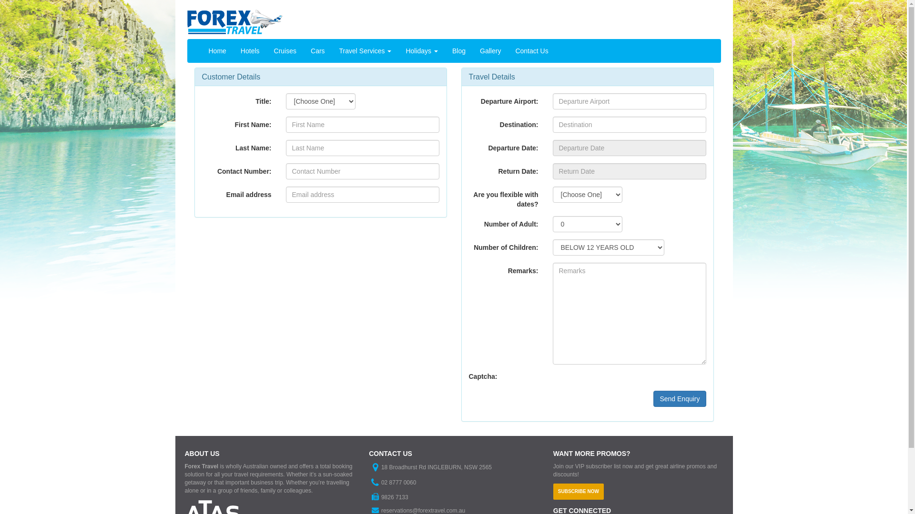 The height and width of the screenshot is (514, 915). Describe the element at coordinates (285, 51) in the screenshot. I see `'Cruises'` at that location.